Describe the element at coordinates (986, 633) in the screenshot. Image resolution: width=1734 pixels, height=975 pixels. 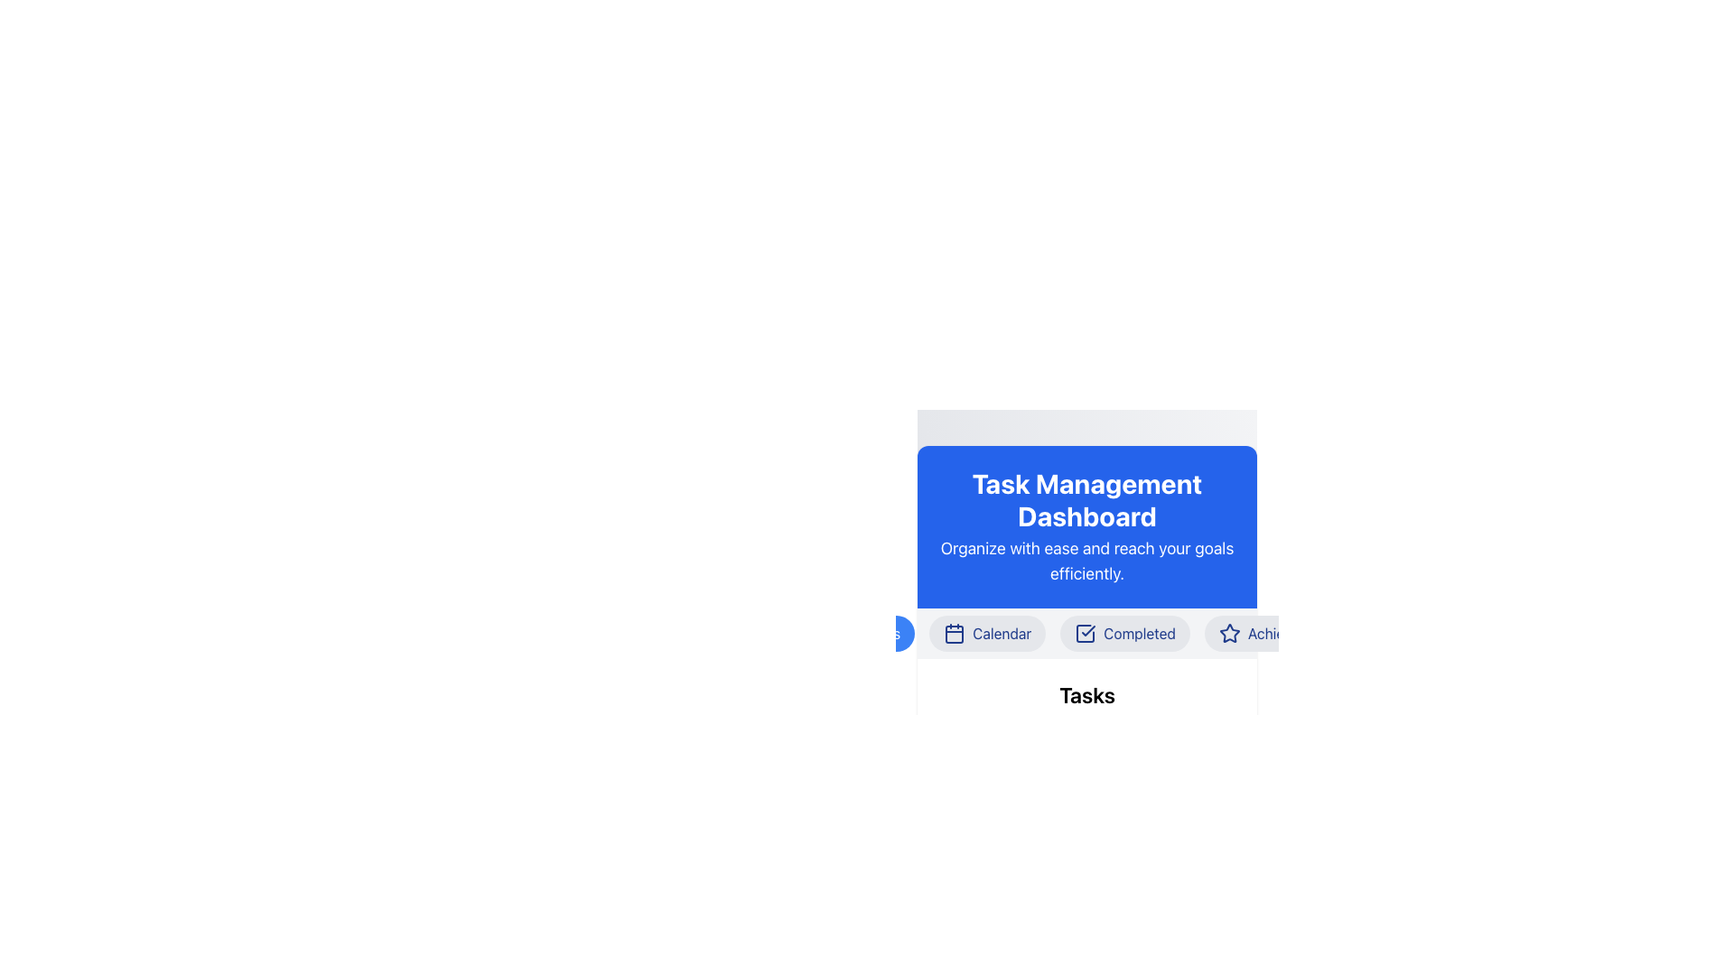
I see `the 'Calendar' button with a dark blue calendar icon located in the horizontal navigation menu below the 'Task Management Dashboard' title` at that location.